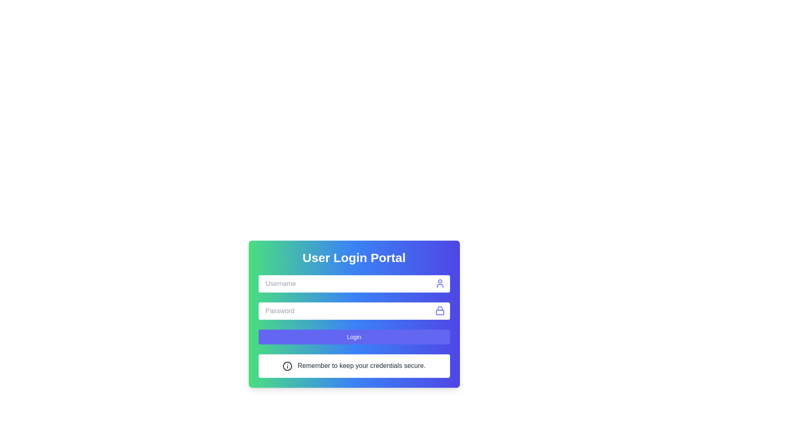 This screenshot has height=445, width=792. What do you see at coordinates (288, 365) in the screenshot?
I see `the graphical element (circle within an SVG) located to the left of the text line 'Remember to keep your credentials secure.'` at bounding box center [288, 365].